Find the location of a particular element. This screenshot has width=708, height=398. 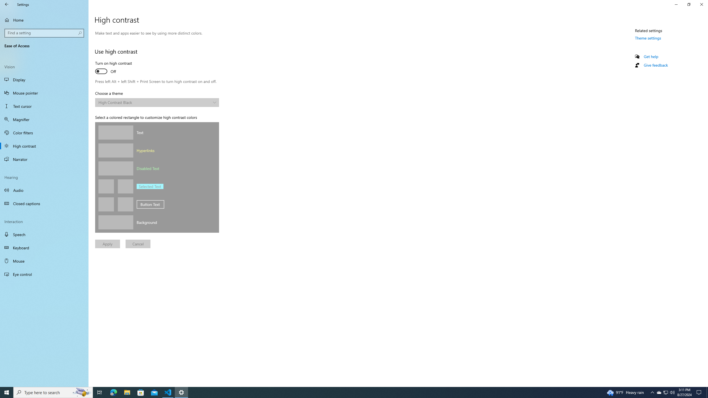

'Notification Chevron' is located at coordinates (652, 392).